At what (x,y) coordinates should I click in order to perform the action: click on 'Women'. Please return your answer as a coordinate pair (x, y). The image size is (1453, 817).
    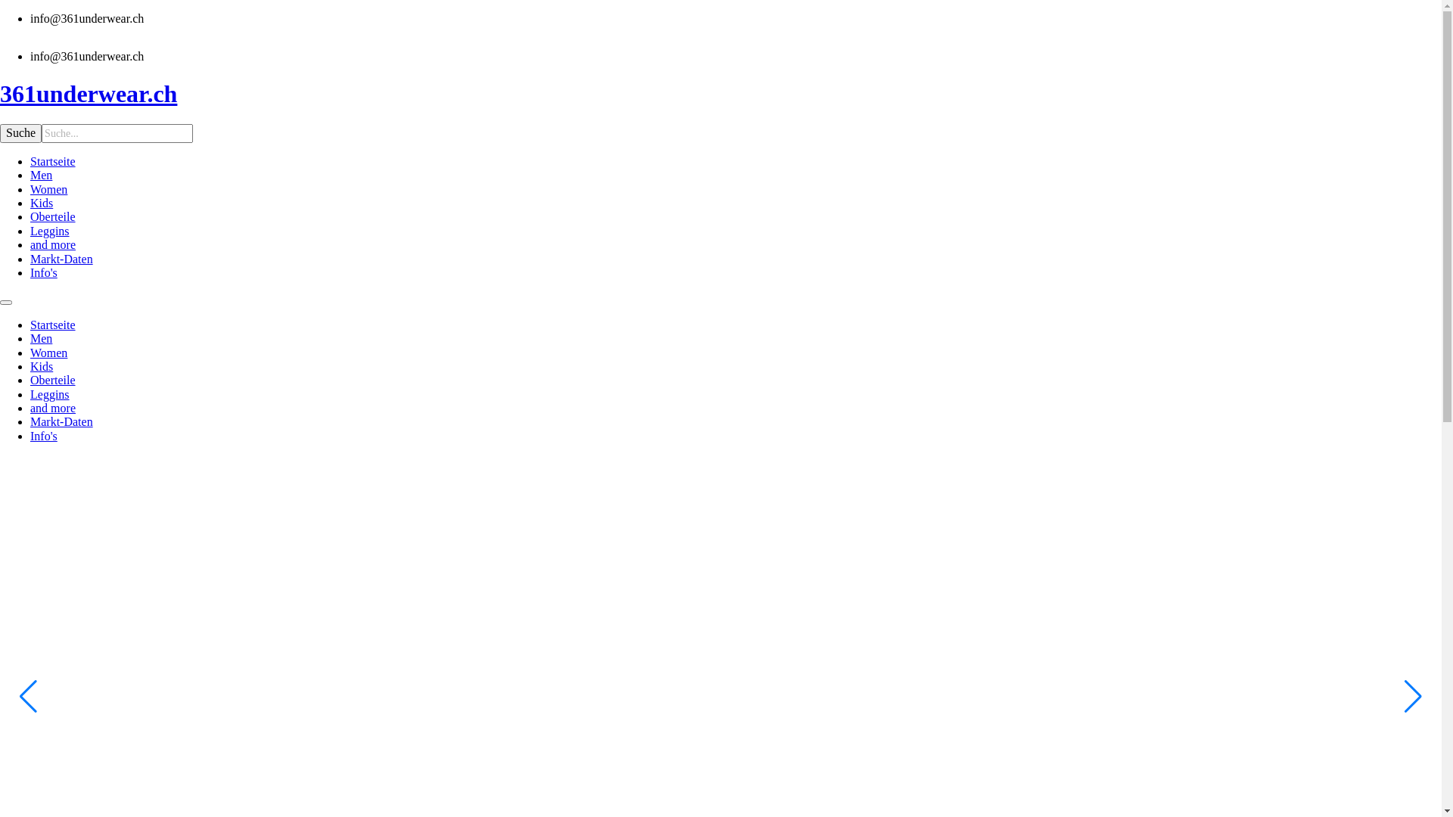
    Looking at the image, I should click on (48, 353).